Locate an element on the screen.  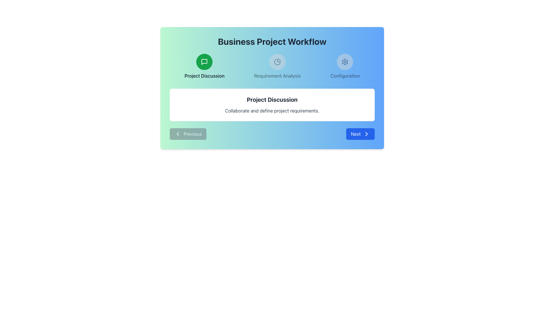
the visual indication of navigation by focusing on the backward action icon located to the left of the 'Previous' button is located at coordinates (177, 134).